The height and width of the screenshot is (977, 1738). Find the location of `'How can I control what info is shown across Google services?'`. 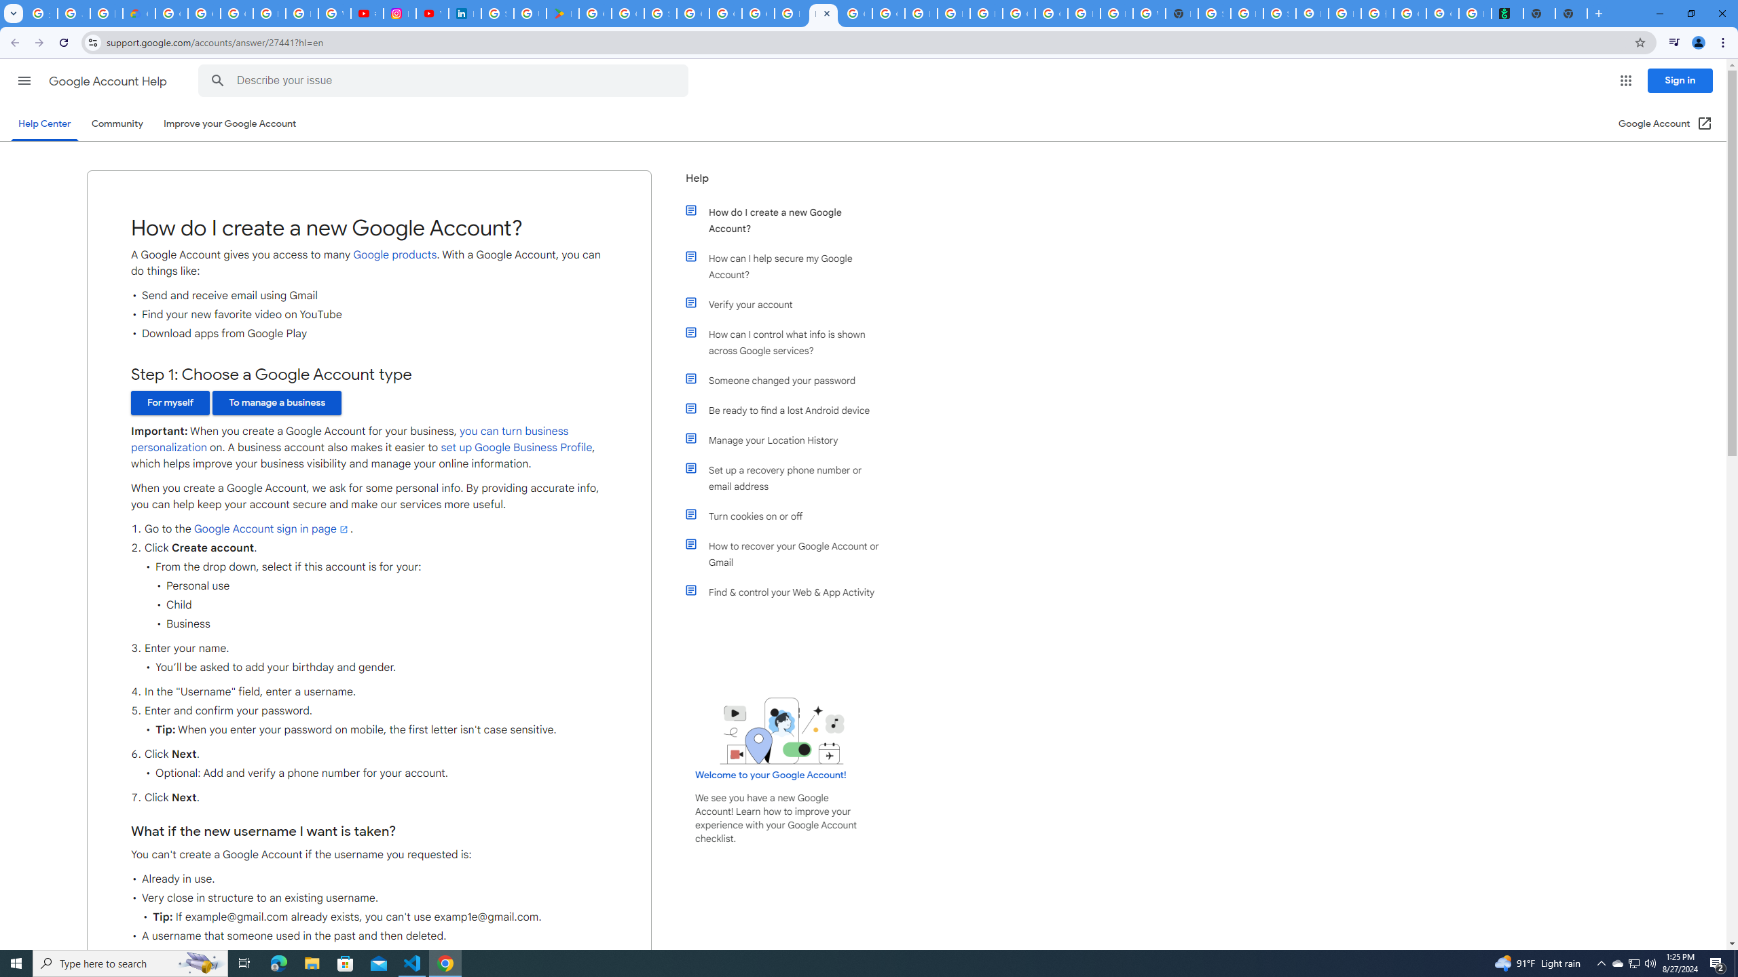

'How can I control what info is shown across Google services?' is located at coordinates (789, 341).